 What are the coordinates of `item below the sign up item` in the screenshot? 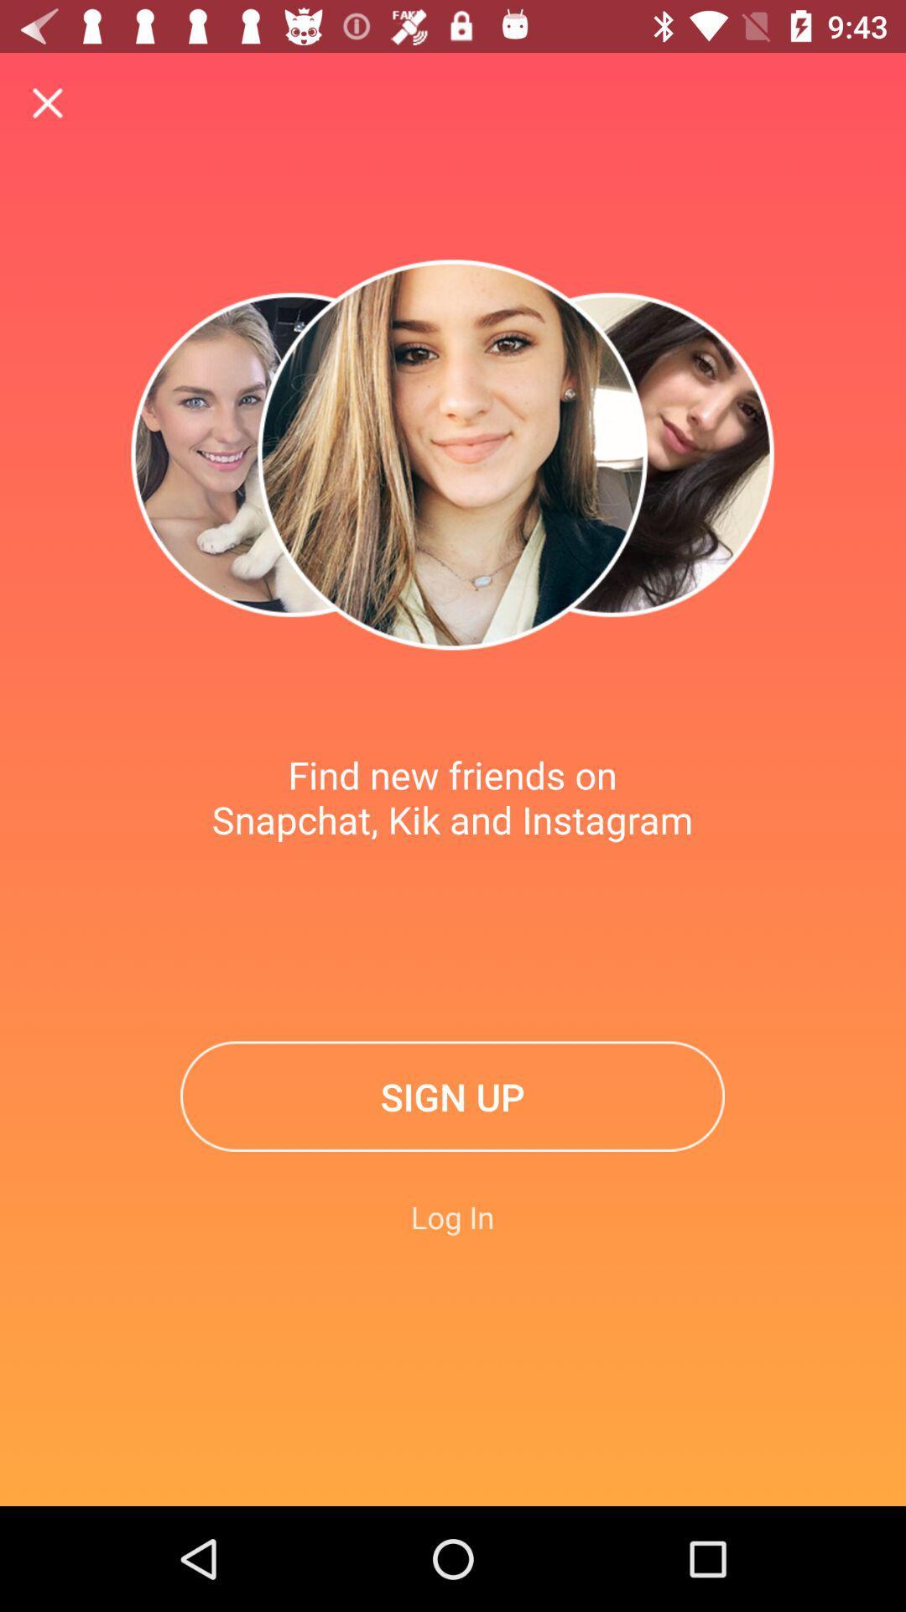 It's located at (451, 1217).